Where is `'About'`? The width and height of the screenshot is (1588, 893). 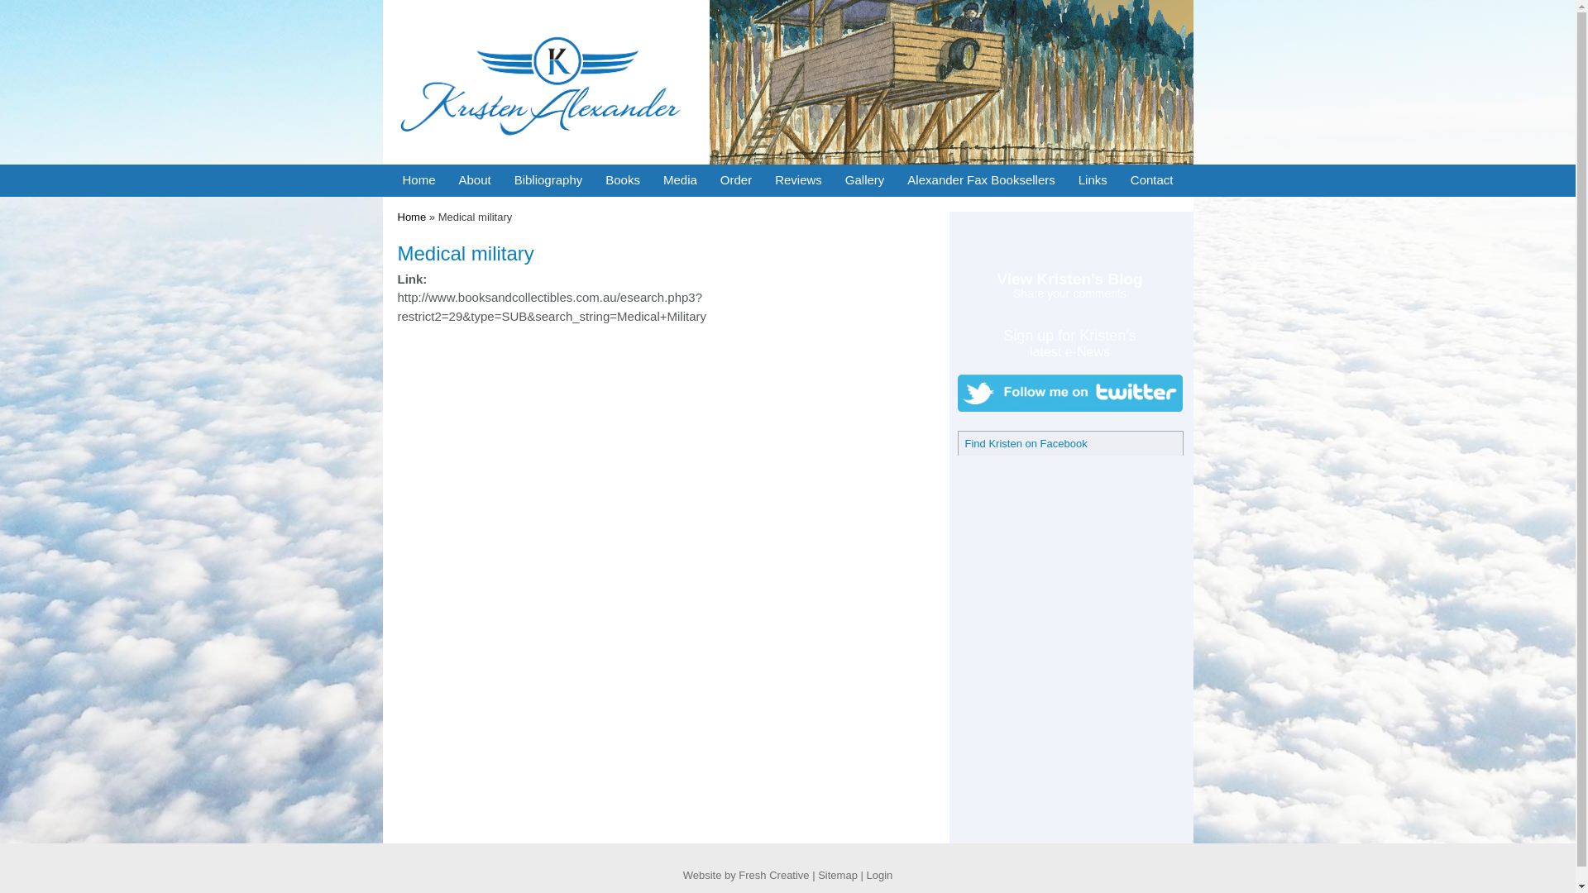 'About' is located at coordinates (473, 180).